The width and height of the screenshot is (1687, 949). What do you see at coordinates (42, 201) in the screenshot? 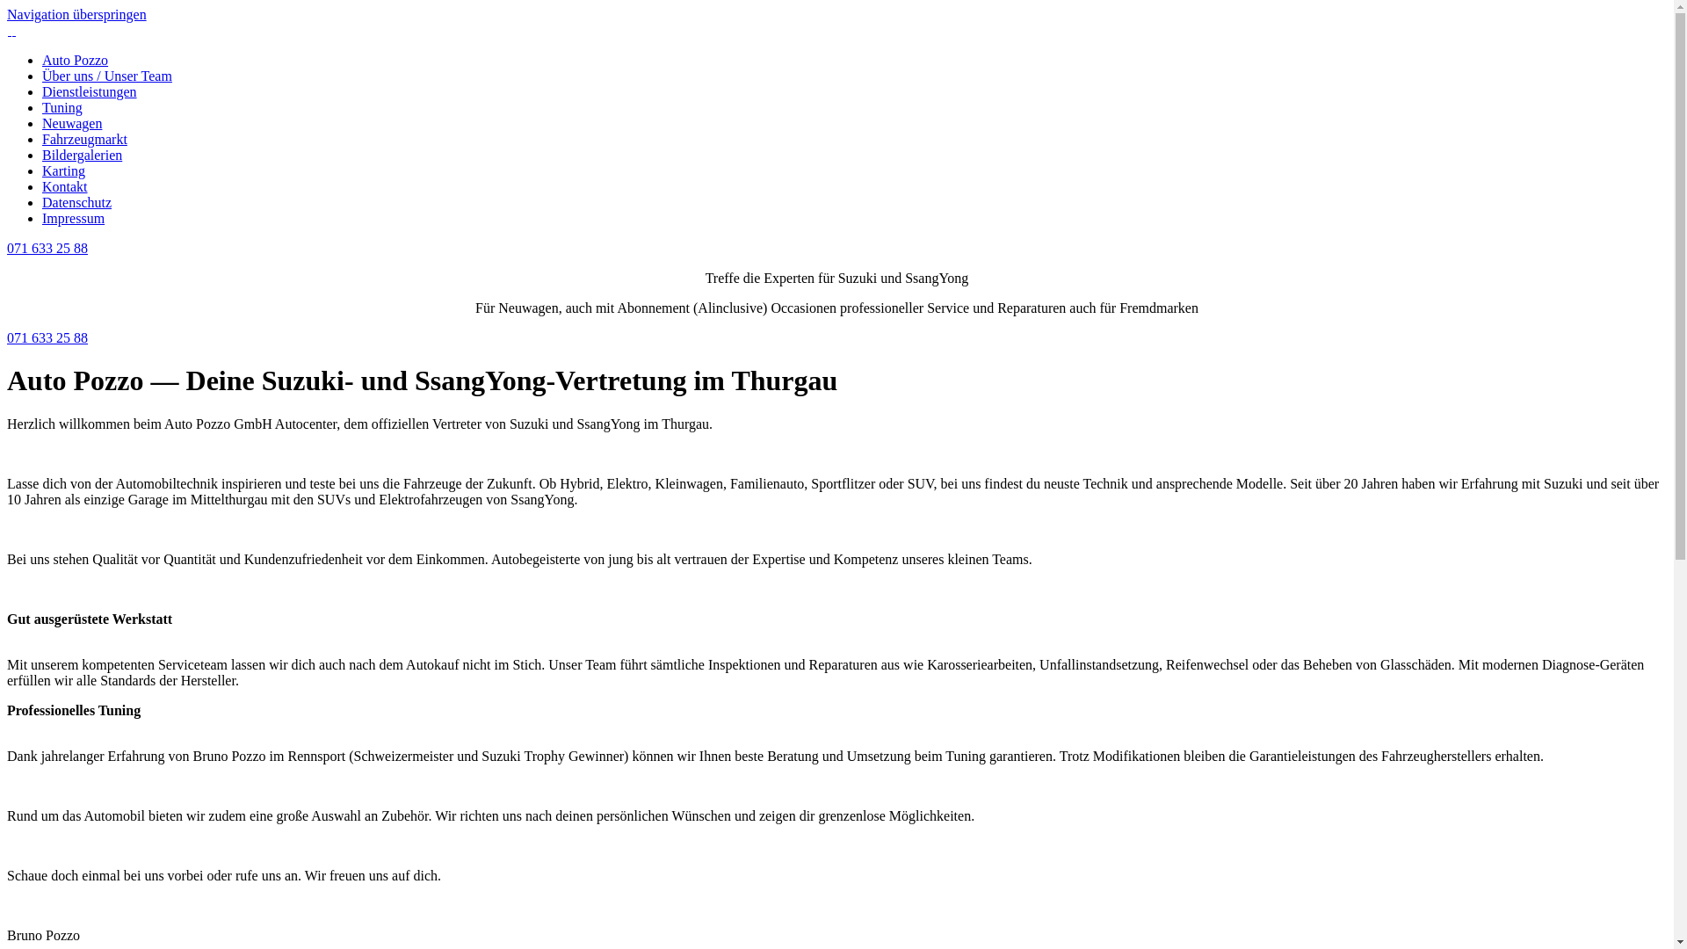
I see `'Datenschutz'` at bounding box center [42, 201].